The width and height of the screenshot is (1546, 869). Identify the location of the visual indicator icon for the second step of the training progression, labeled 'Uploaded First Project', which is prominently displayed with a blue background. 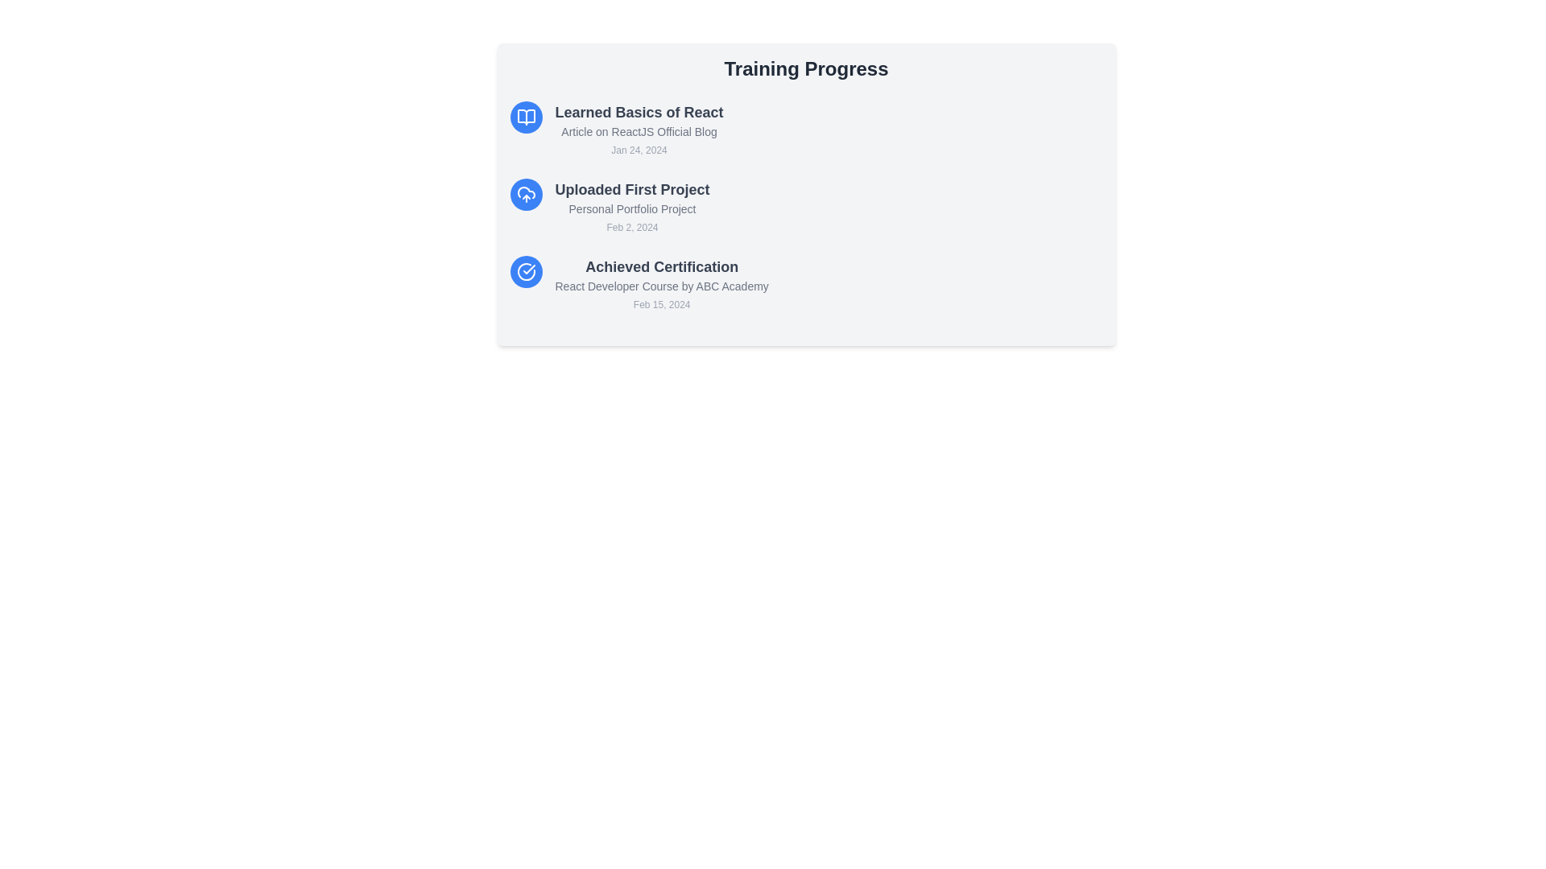
(526, 194).